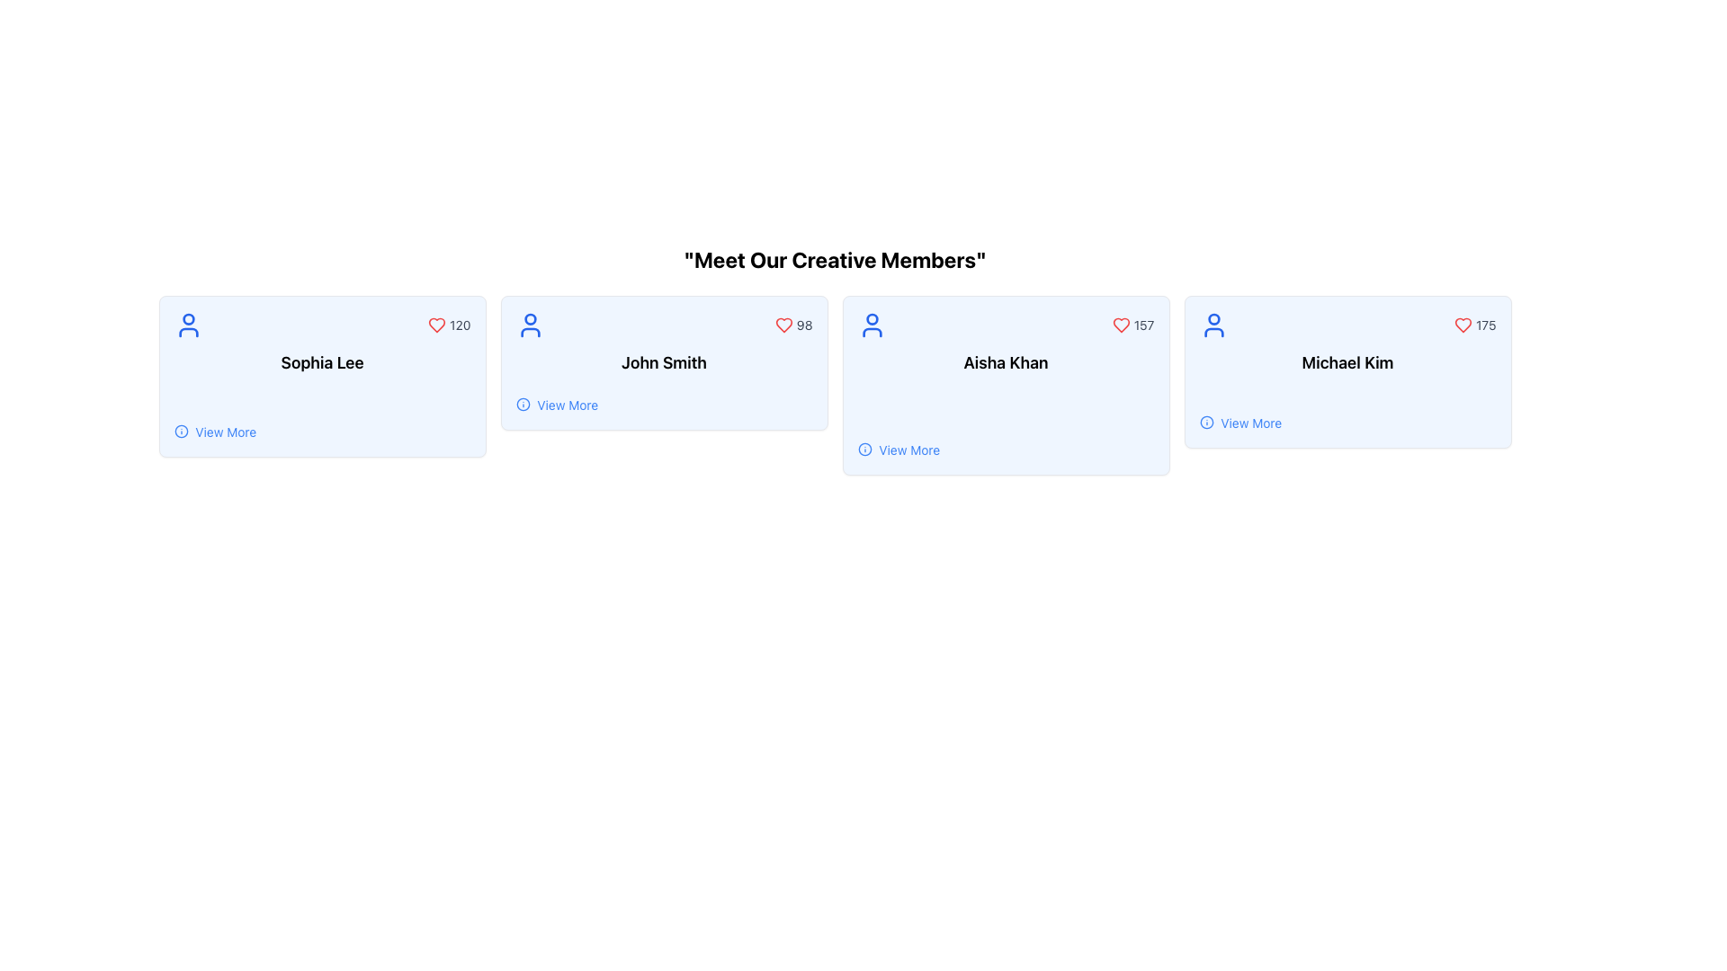 This screenshot has height=971, width=1727. I want to click on the hyperlink with the associated icon located in the bottom-left corner of the card labeled 'Aisha Khan', so click(899, 449).